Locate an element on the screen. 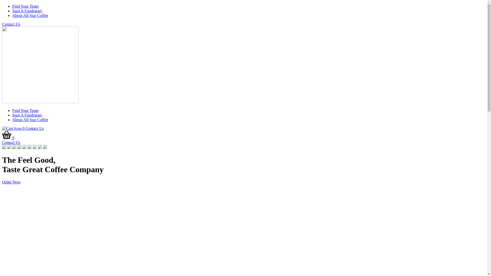  'Start A Fundraiser' is located at coordinates (27, 115).